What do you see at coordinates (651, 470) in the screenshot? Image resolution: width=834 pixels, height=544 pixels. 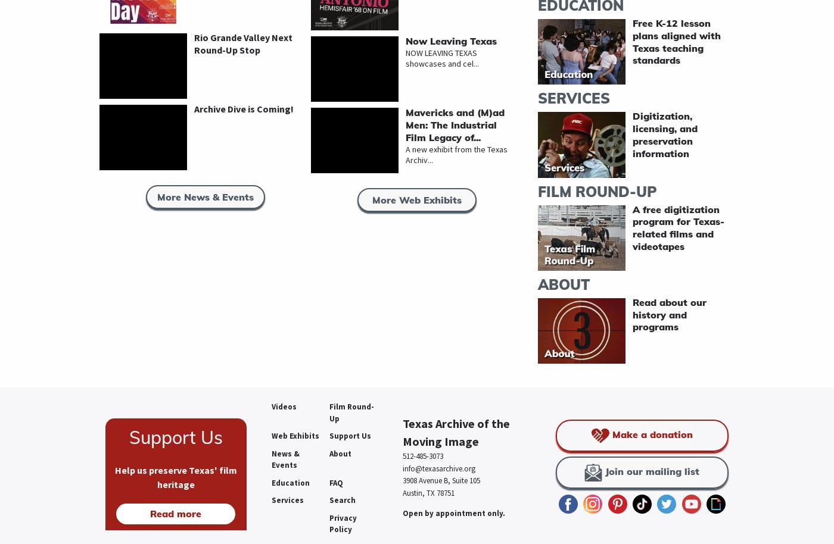 I see `'Join our mailing list'` at bounding box center [651, 470].